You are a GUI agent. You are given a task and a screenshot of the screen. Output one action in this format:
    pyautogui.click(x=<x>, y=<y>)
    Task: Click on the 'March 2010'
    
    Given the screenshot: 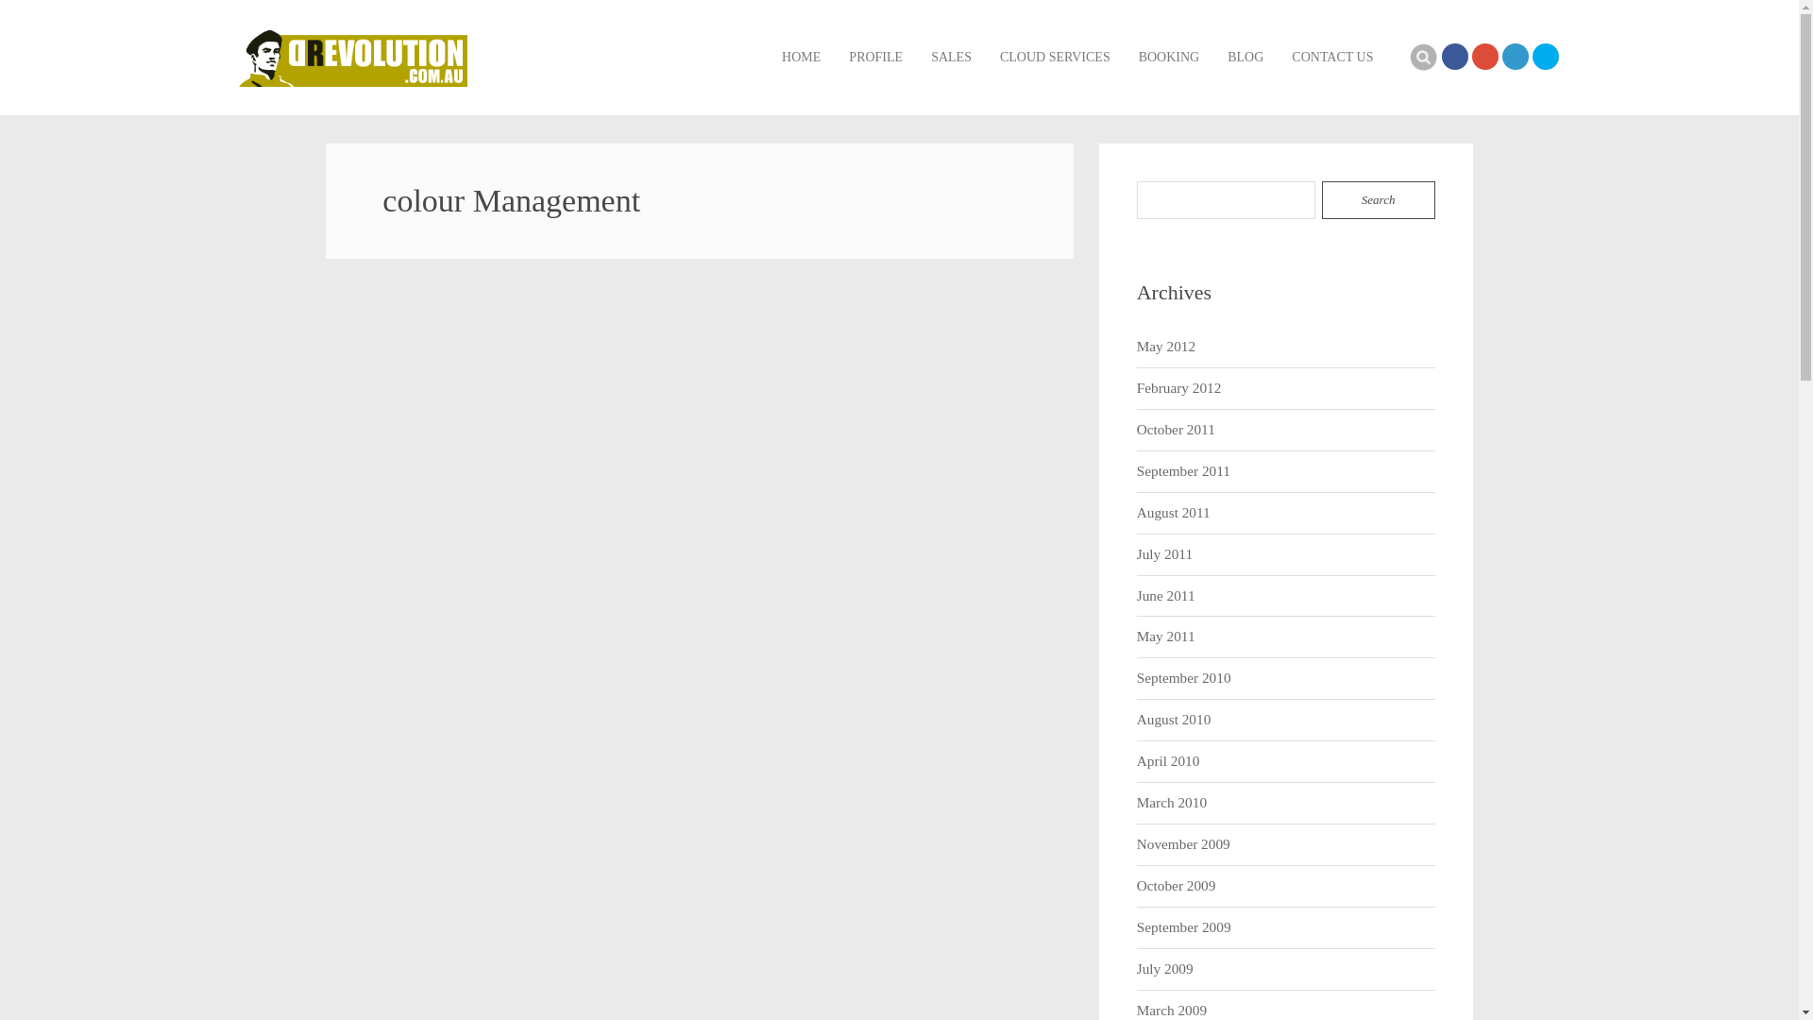 What is the action you would take?
    pyautogui.click(x=1171, y=803)
    